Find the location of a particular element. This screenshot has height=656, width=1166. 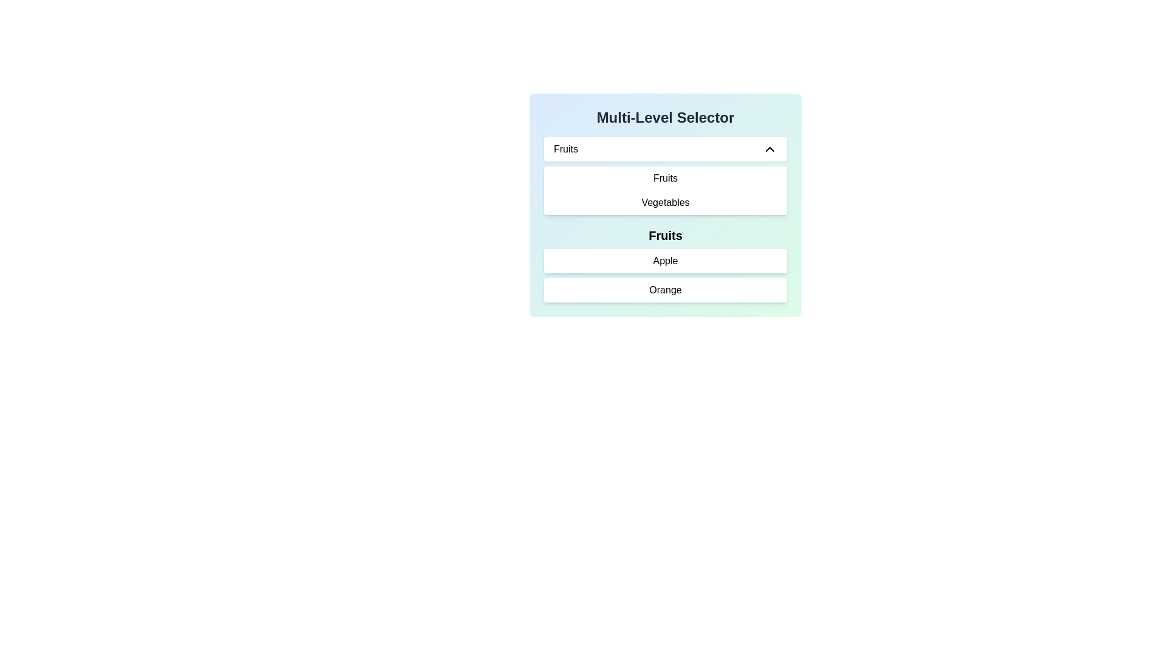

the 'Orange' menu item button, which is a rectangular button with a white background and dark text, located below the 'Apple' option in the 'Fruits' menu is located at coordinates (664, 290).